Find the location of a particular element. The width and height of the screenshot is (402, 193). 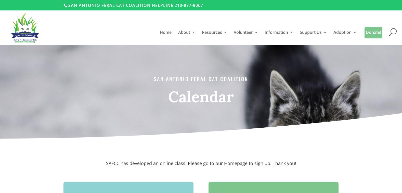

'Adoption Info & Application' is located at coordinates (357, 102).